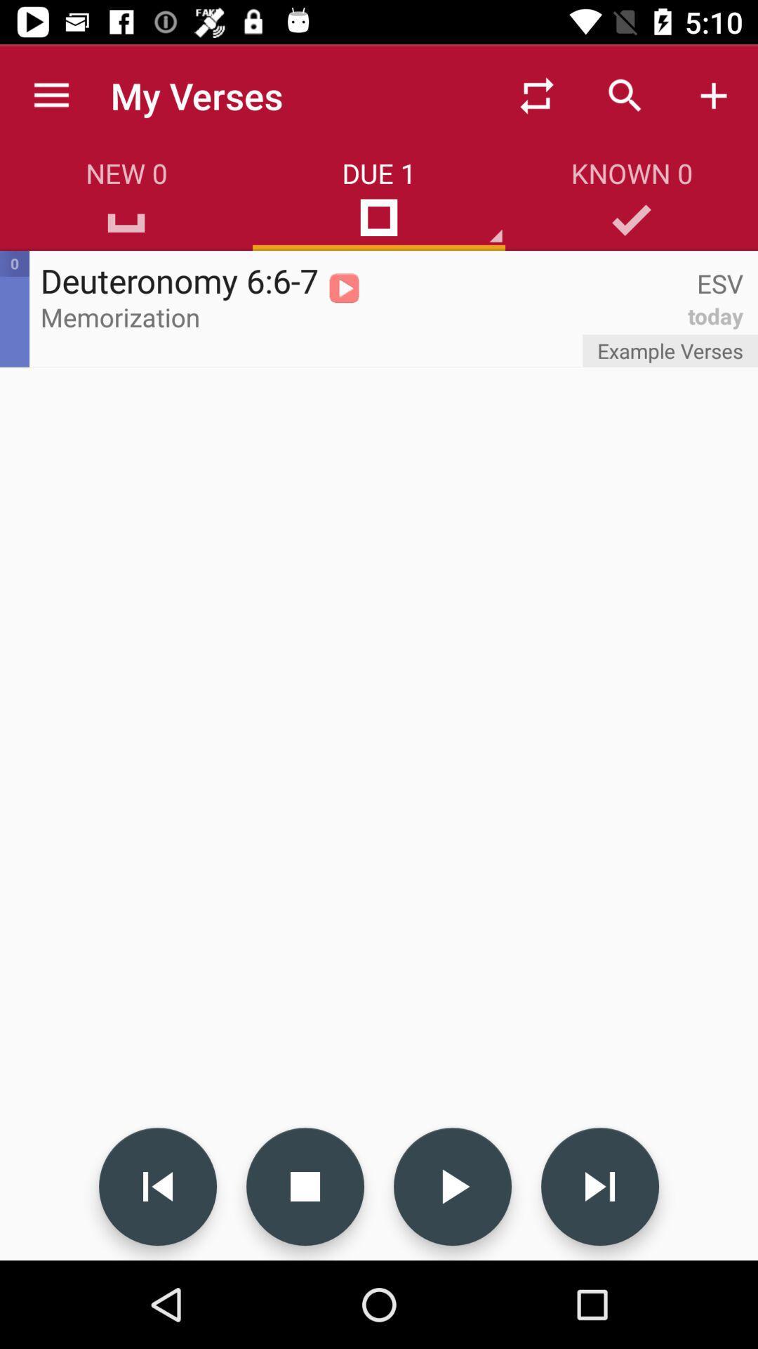 Image resolution: width=758 pixels, height=1349 pixels. I want to click on stop the music, so click(305, 1186).